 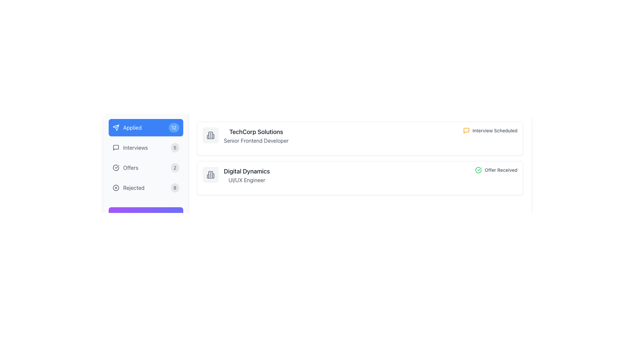 What do you see at coordinates (466, 130) in the screenshot?
I see `the amber speech bubble icon indicating a communication function, located near 'TechCorp Solutions' under 'Interview Scheduled'` at bounding box center [466, 130].